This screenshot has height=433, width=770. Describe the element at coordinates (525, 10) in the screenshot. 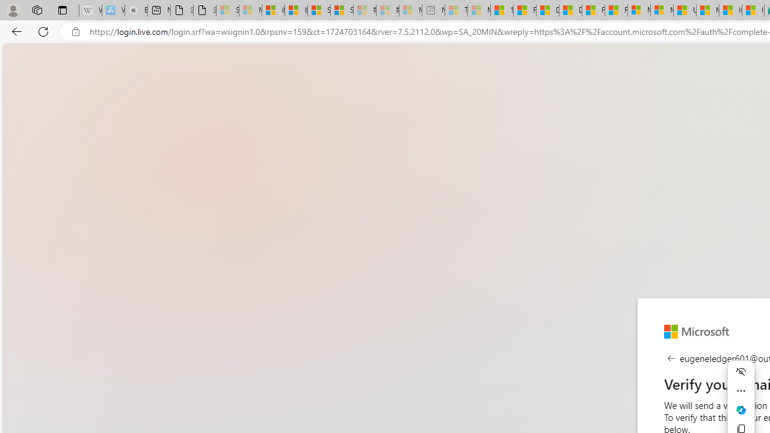

I see `'Food and Drink - MSN'` at that location.